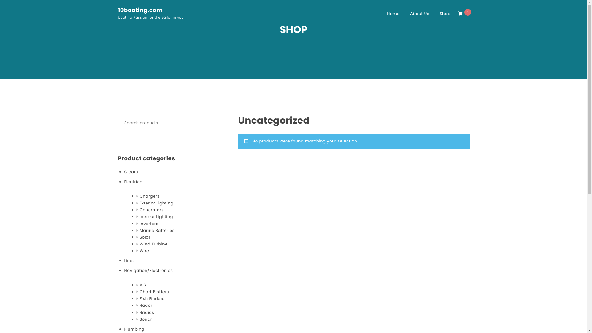  Describe the element at coordinates (139, 231) in the screenshot. I see `'Marine Batteries'` at that location.